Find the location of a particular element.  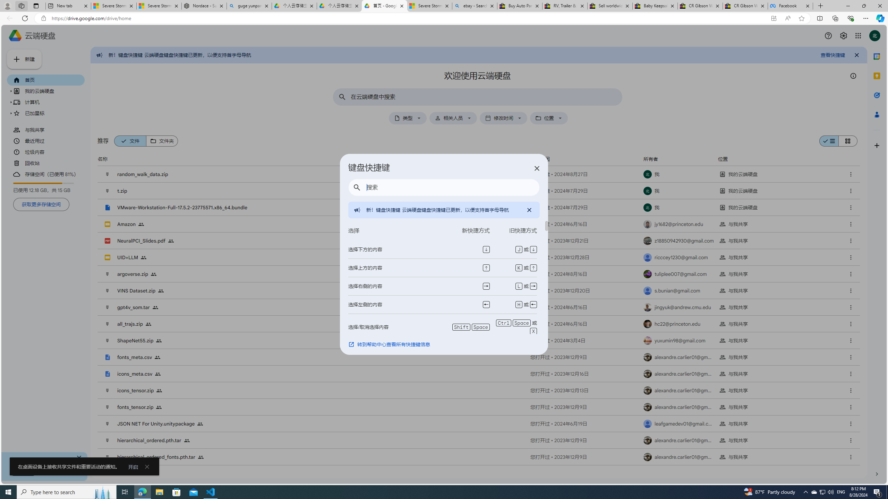

'ebay - Search' is located at coordinates (474, 6).